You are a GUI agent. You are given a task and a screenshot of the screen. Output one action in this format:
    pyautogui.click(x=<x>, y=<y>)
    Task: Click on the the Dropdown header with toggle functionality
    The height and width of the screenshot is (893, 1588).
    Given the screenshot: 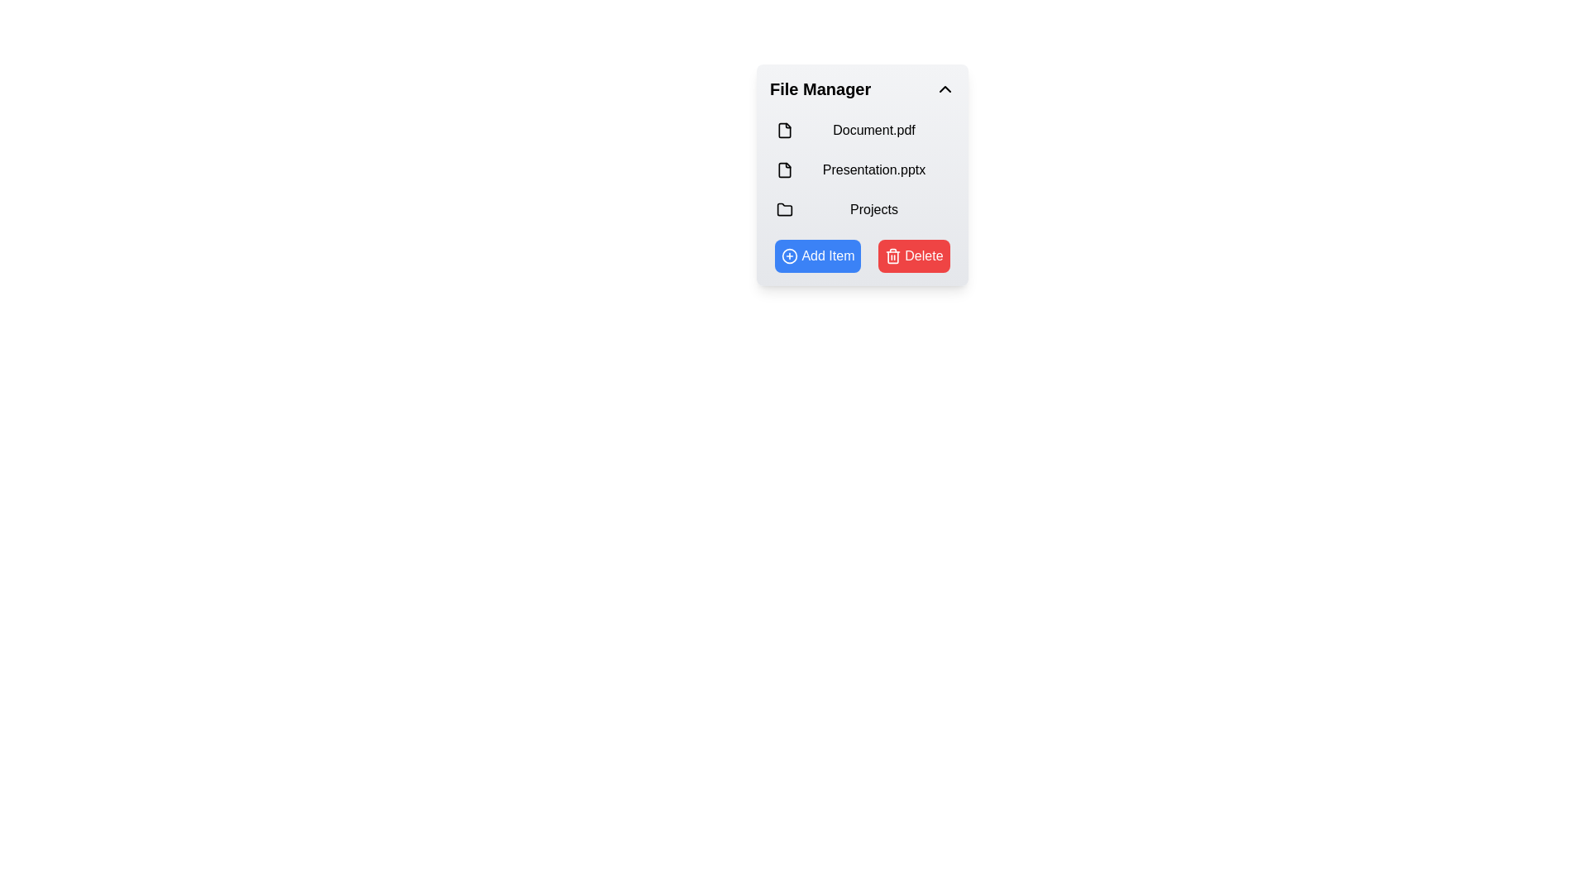 What is the action you would take?
    pyautogui.click(x=861, y=89)
    